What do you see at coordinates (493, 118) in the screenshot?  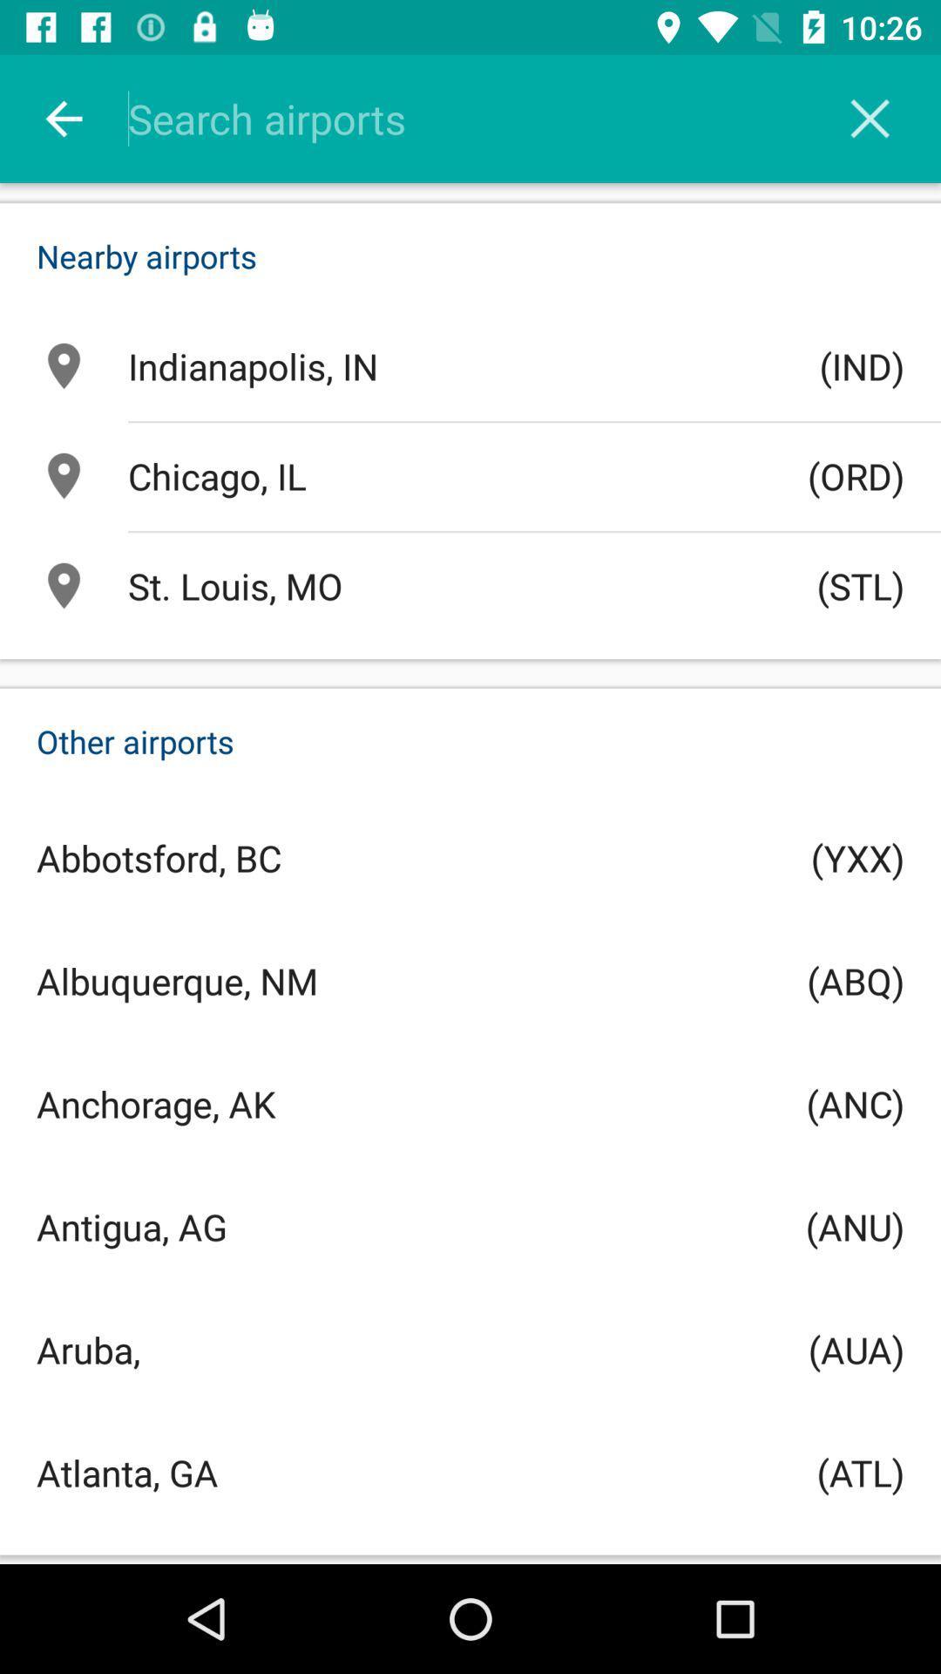 I see `search function` at bounding box center [493, 118].